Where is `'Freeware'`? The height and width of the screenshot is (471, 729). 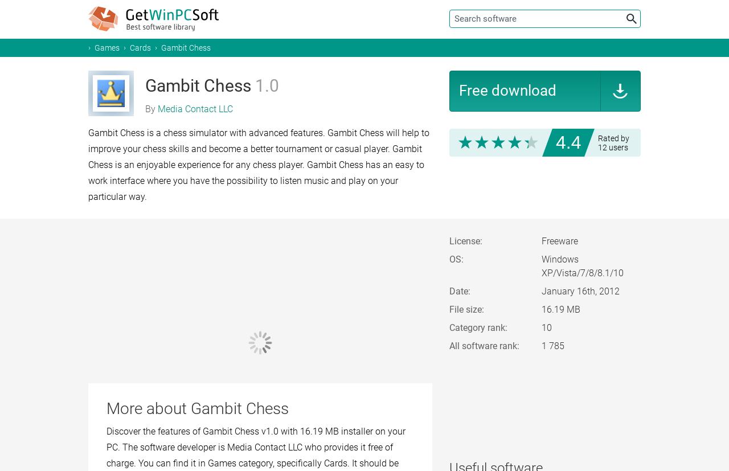 'Freeware' is located at coordinates (541, 240).